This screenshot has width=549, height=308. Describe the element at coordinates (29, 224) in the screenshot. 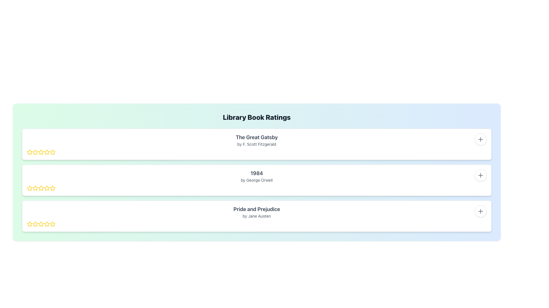

I see `the first star icon in the rating section for the third book item to rate the item` at that location.